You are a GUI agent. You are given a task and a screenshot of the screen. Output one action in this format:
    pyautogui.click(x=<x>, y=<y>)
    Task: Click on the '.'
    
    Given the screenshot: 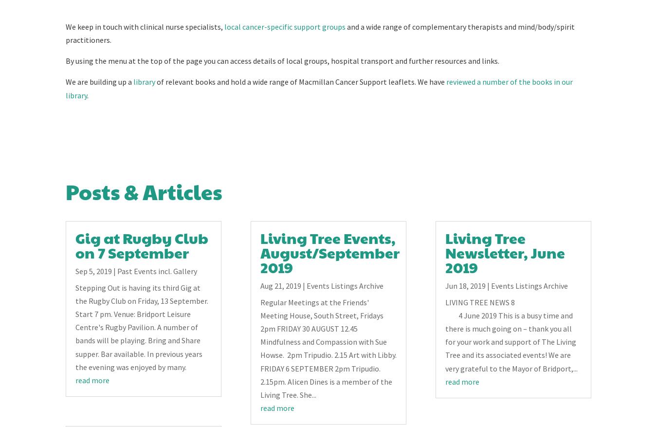 What is the action you would take?
    pyautogui.click(x=88, y=94)
    